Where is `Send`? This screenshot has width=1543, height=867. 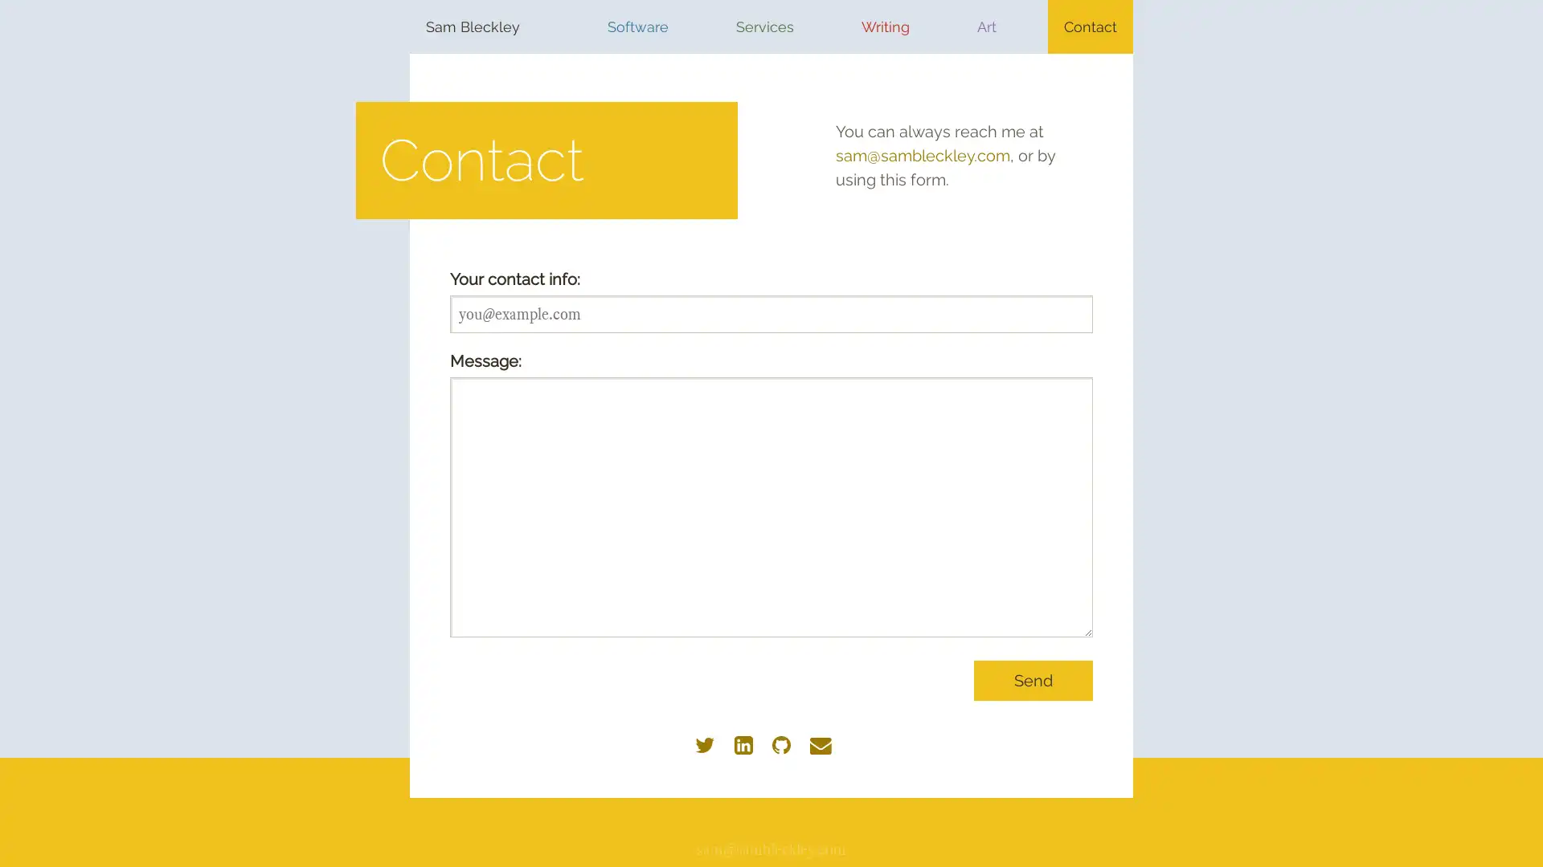 Send is located at coordinates (1033, 681).